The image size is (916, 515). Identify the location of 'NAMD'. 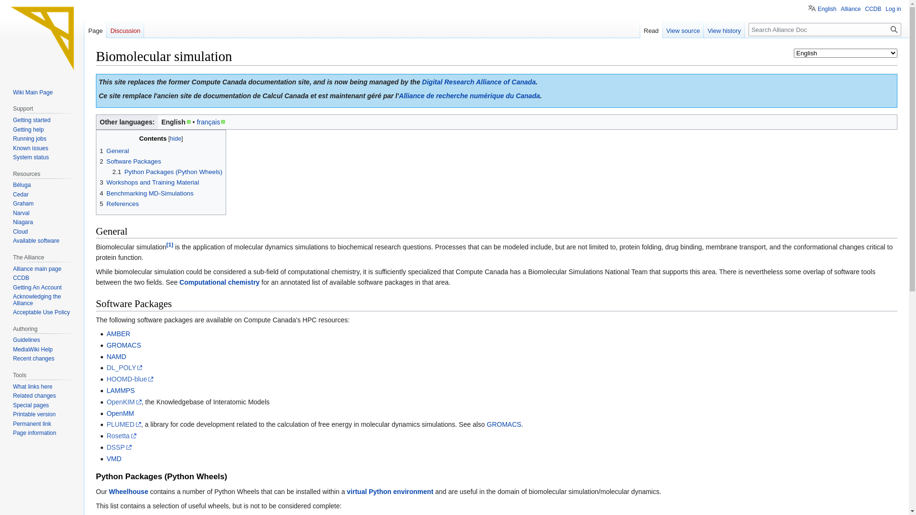
(115, 357).